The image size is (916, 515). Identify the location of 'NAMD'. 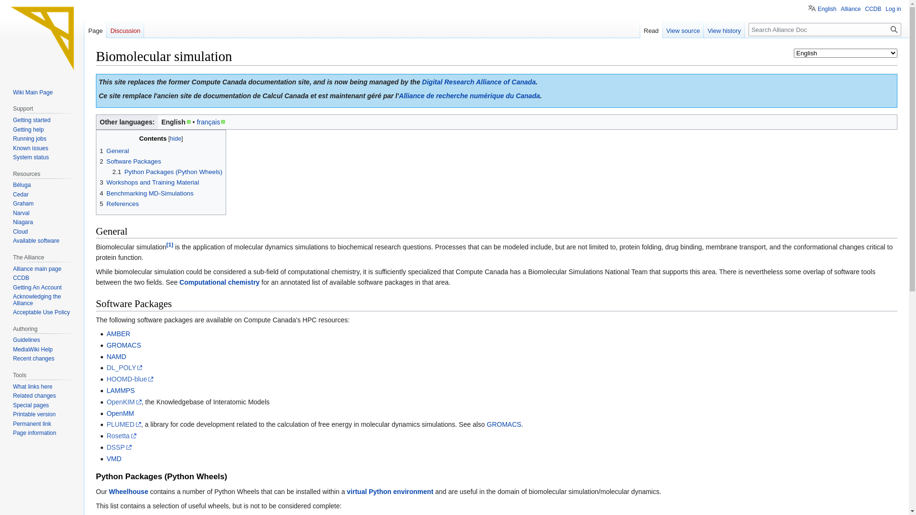
(115, 357).